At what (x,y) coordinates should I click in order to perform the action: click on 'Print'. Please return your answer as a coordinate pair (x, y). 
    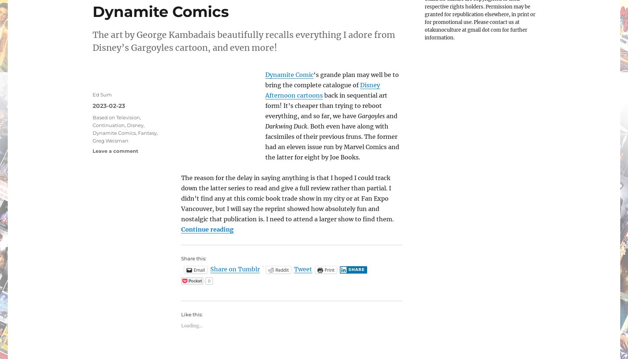
    Looking at the image, I should click on (329, 269).